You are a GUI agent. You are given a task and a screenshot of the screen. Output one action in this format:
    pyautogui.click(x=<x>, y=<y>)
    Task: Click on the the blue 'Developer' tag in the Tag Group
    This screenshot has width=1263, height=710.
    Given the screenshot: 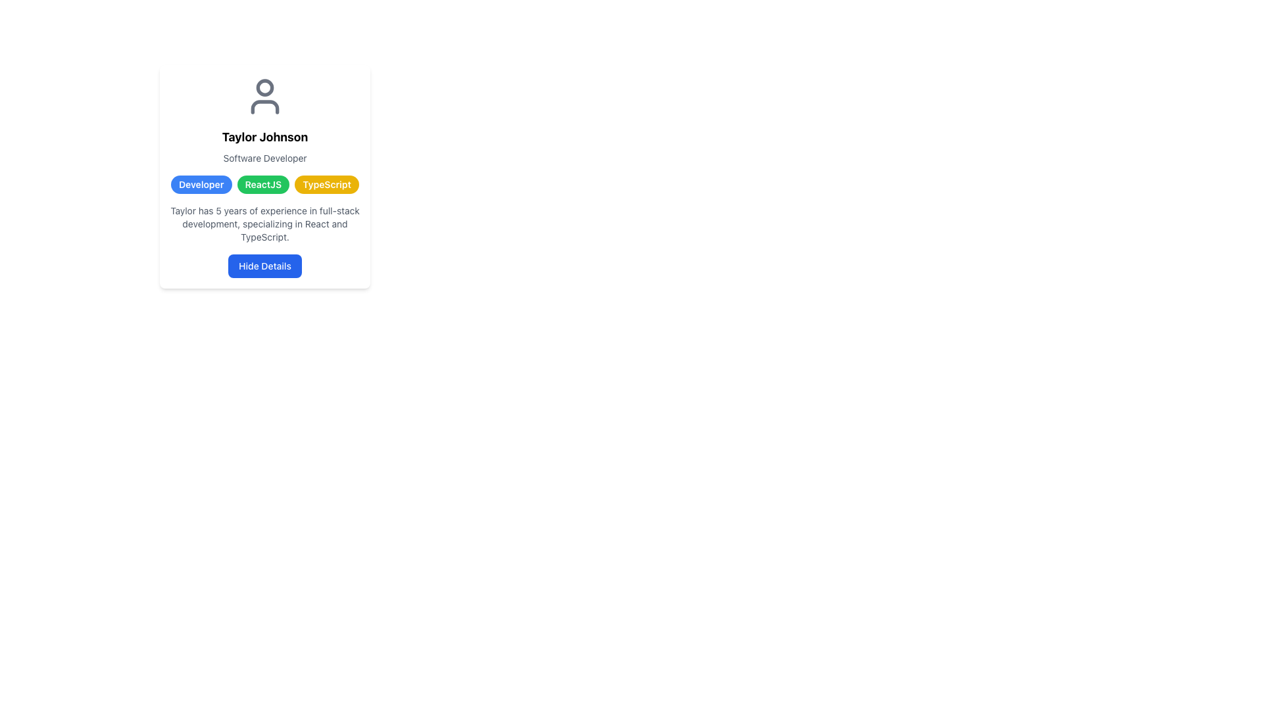 What is the action you would take?
    pyautogui.click(x=264, y=185)
    